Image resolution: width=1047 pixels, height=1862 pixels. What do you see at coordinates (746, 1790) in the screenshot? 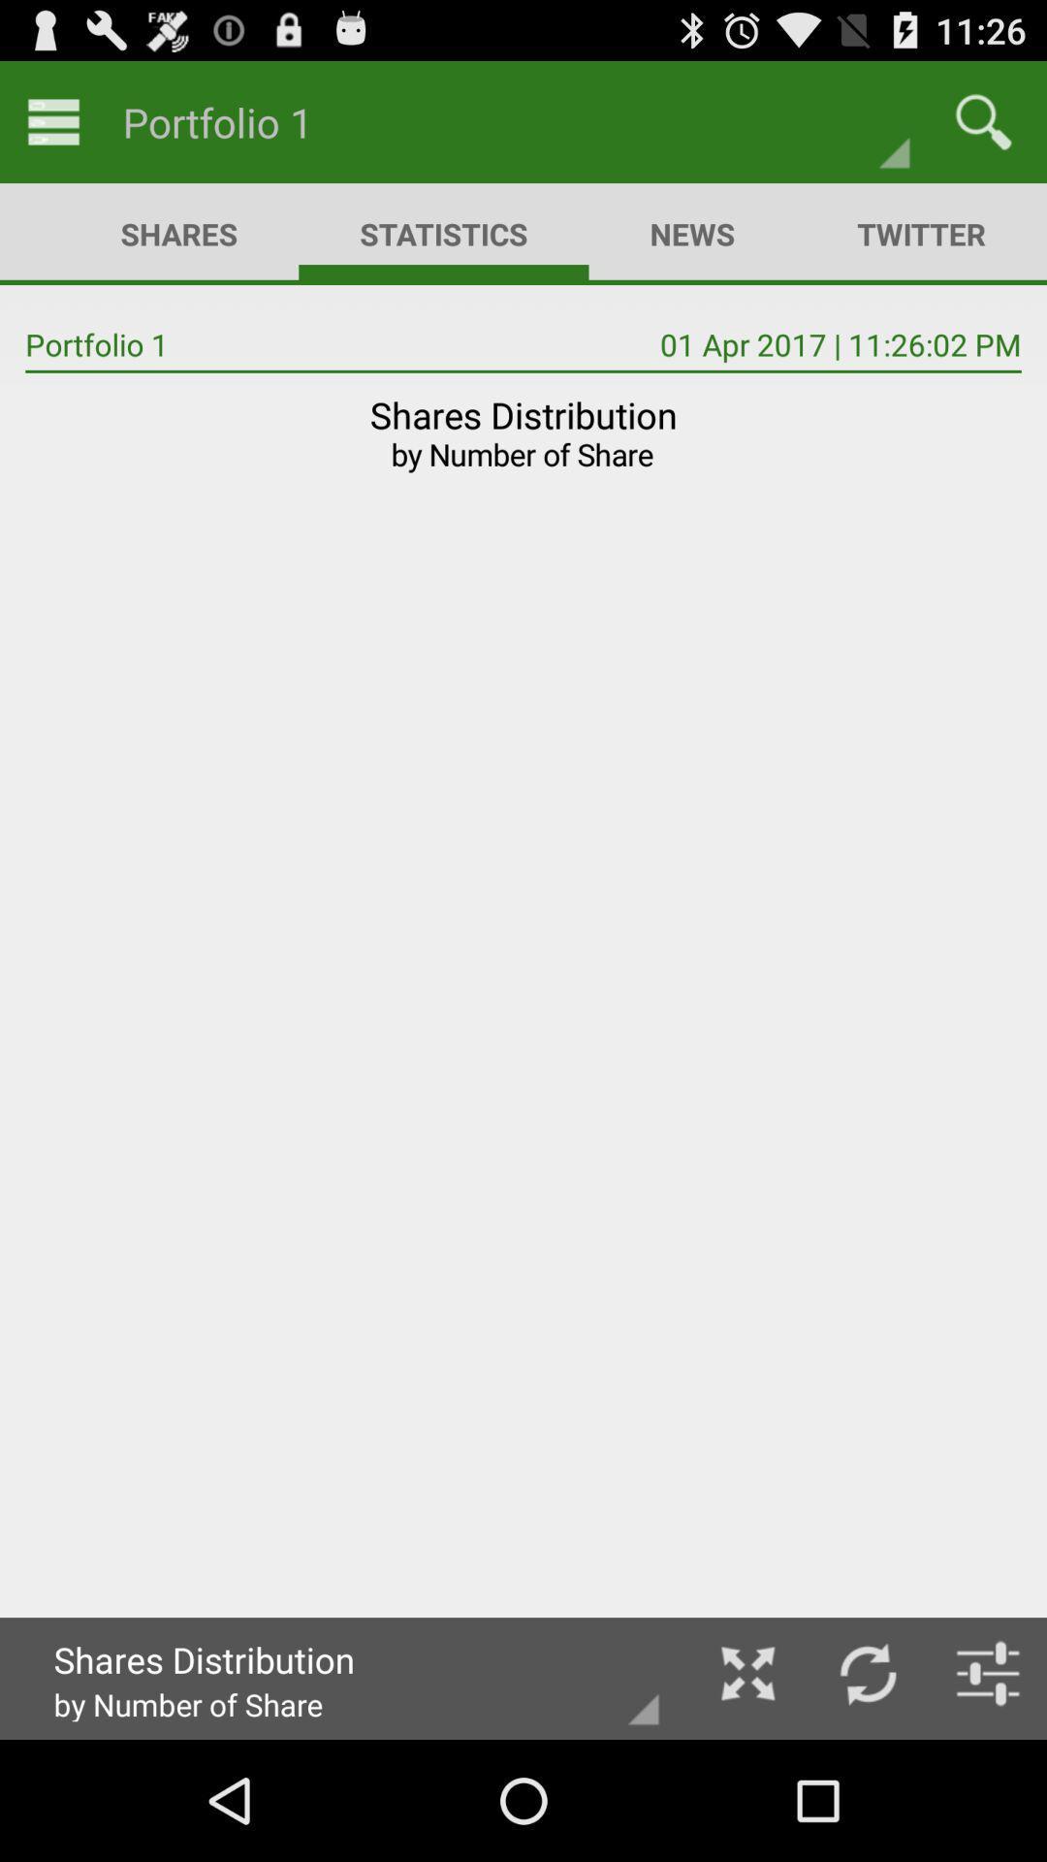
I see `the fullscreen icon` at bounding box center [746, 1790].